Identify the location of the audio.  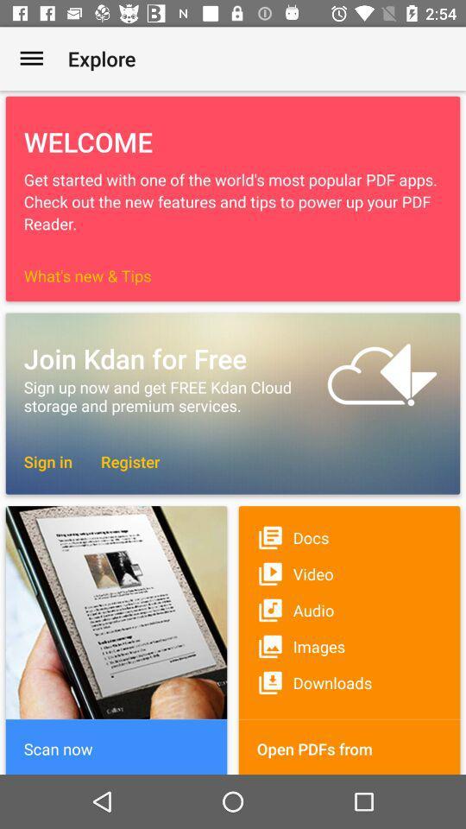
(349, 610).